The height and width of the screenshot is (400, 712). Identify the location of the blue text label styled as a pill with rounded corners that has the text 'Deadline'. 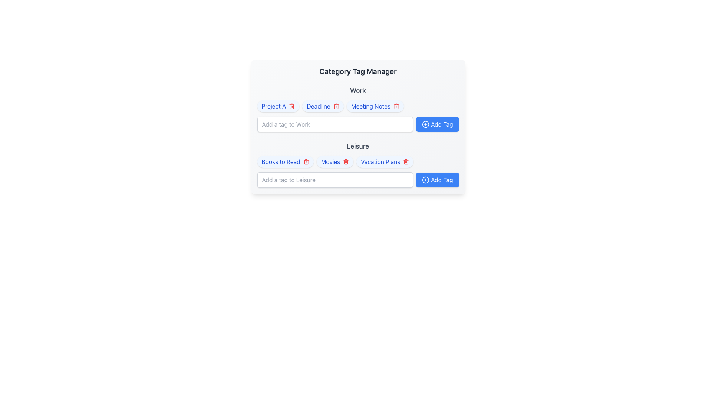
(323, 106).